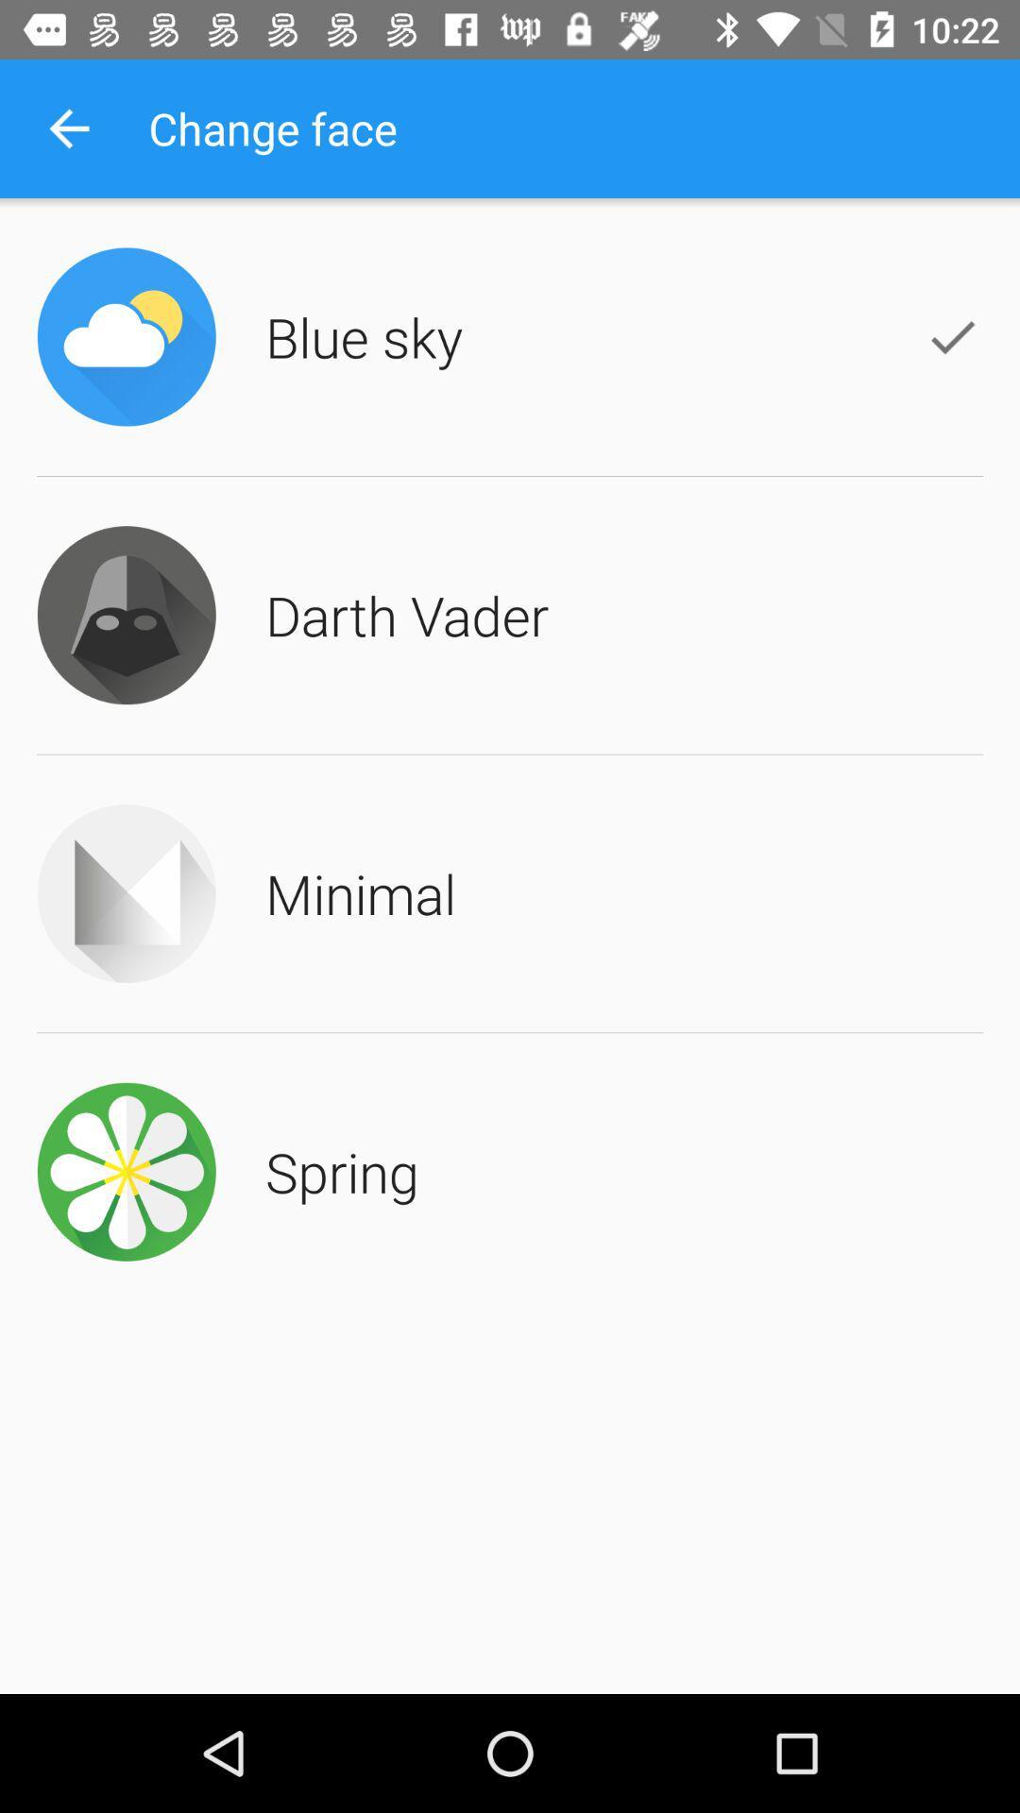  What do you see at coordinates (68, 127) in the screenshot?
I see `to go back page` at bounding box center [68, 127].